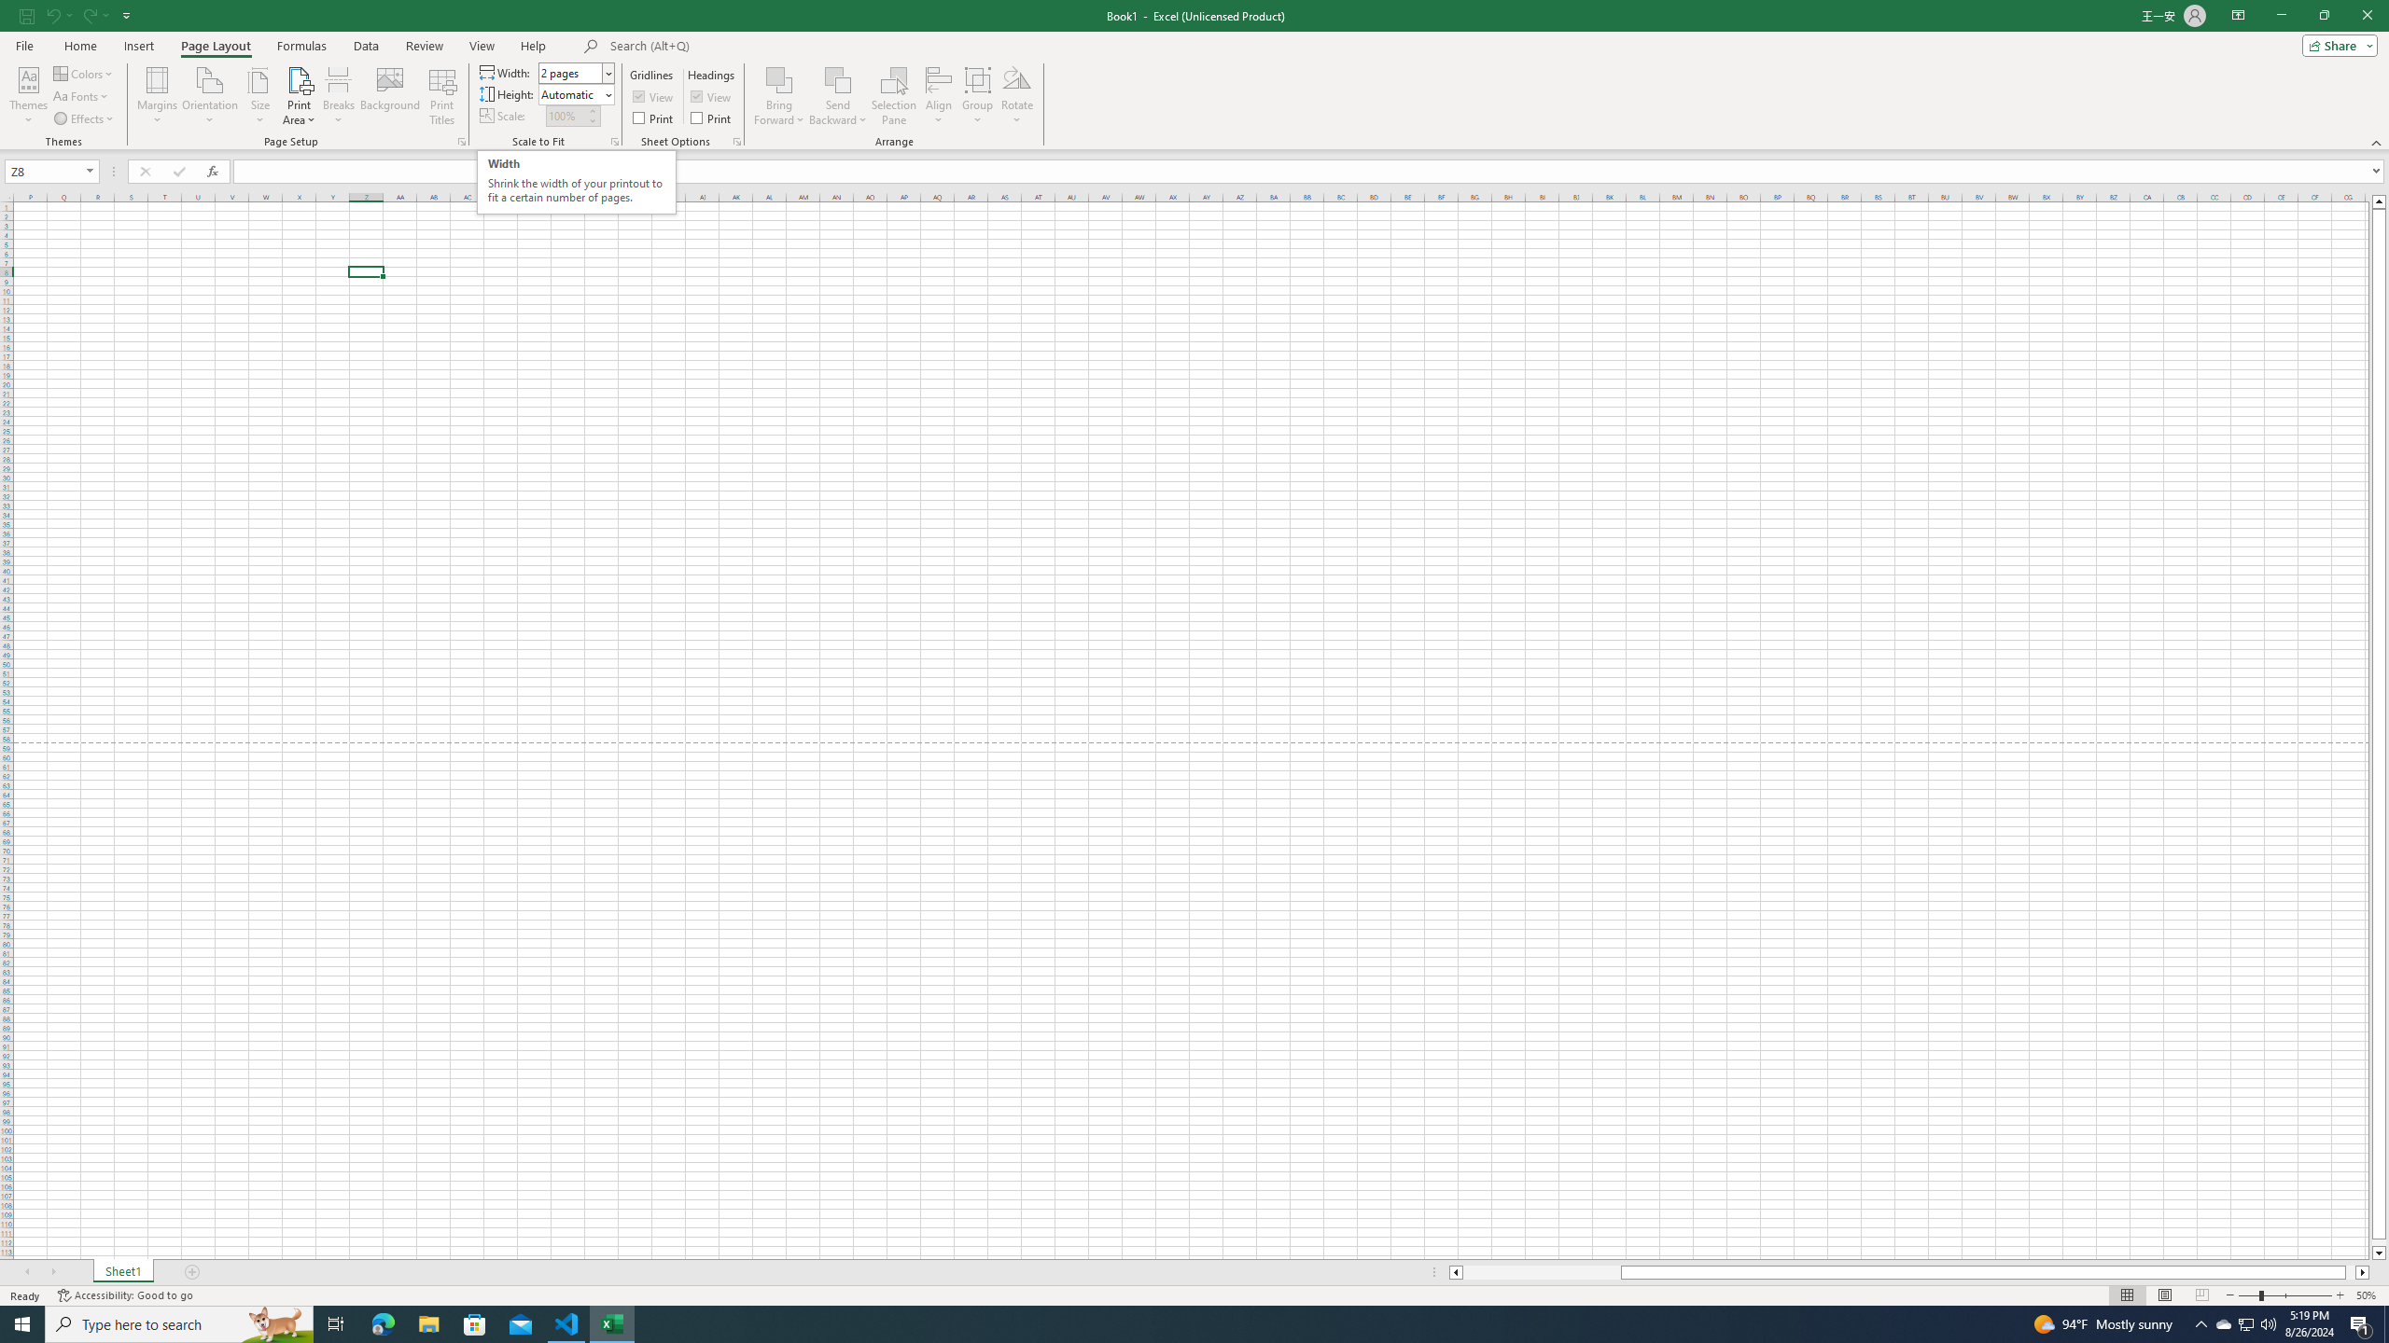  I want to click on 'Formulas', so click(303, 46).